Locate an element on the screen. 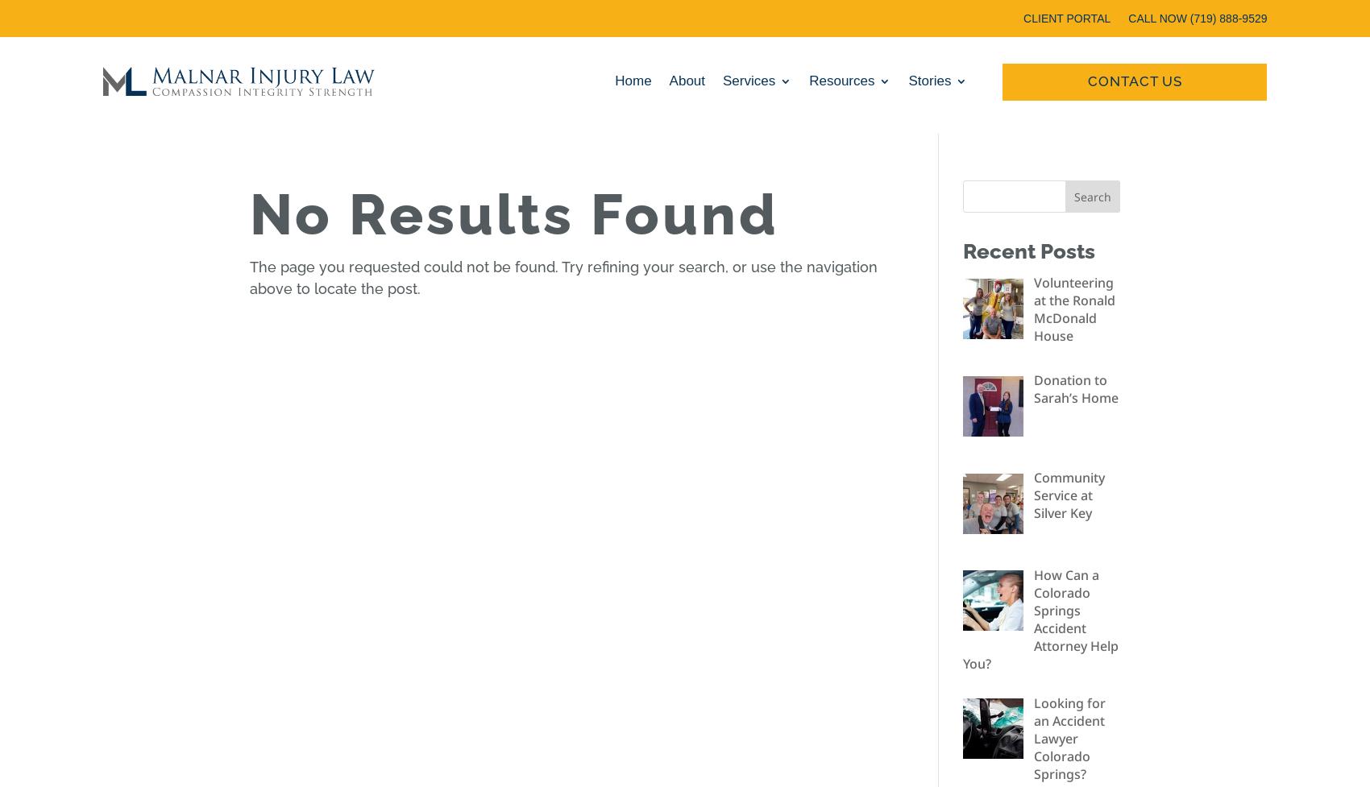  'No Results Found' is located at coordinates (514, 213).